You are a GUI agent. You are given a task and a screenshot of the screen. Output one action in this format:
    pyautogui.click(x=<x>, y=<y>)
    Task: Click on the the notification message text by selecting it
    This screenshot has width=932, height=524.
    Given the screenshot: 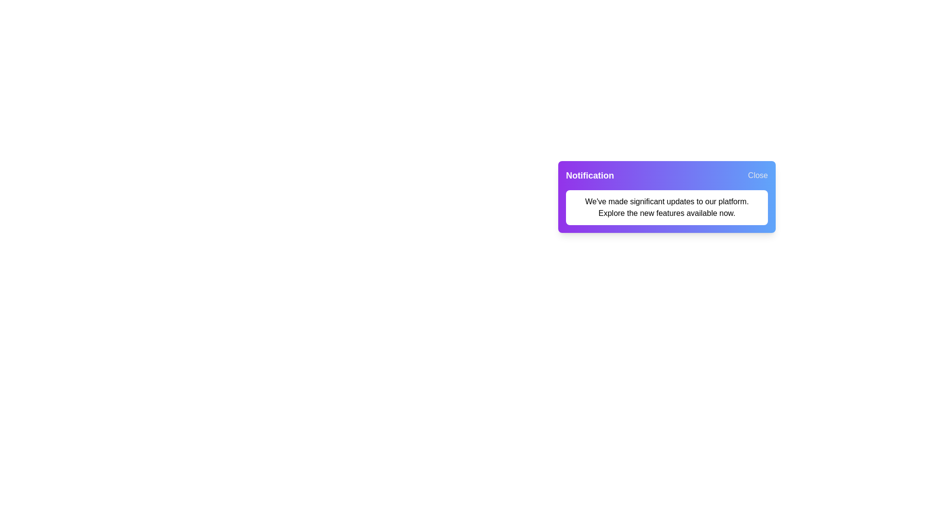 What is the action you would take?
    pyautogui.click(x=571, y=196)
    